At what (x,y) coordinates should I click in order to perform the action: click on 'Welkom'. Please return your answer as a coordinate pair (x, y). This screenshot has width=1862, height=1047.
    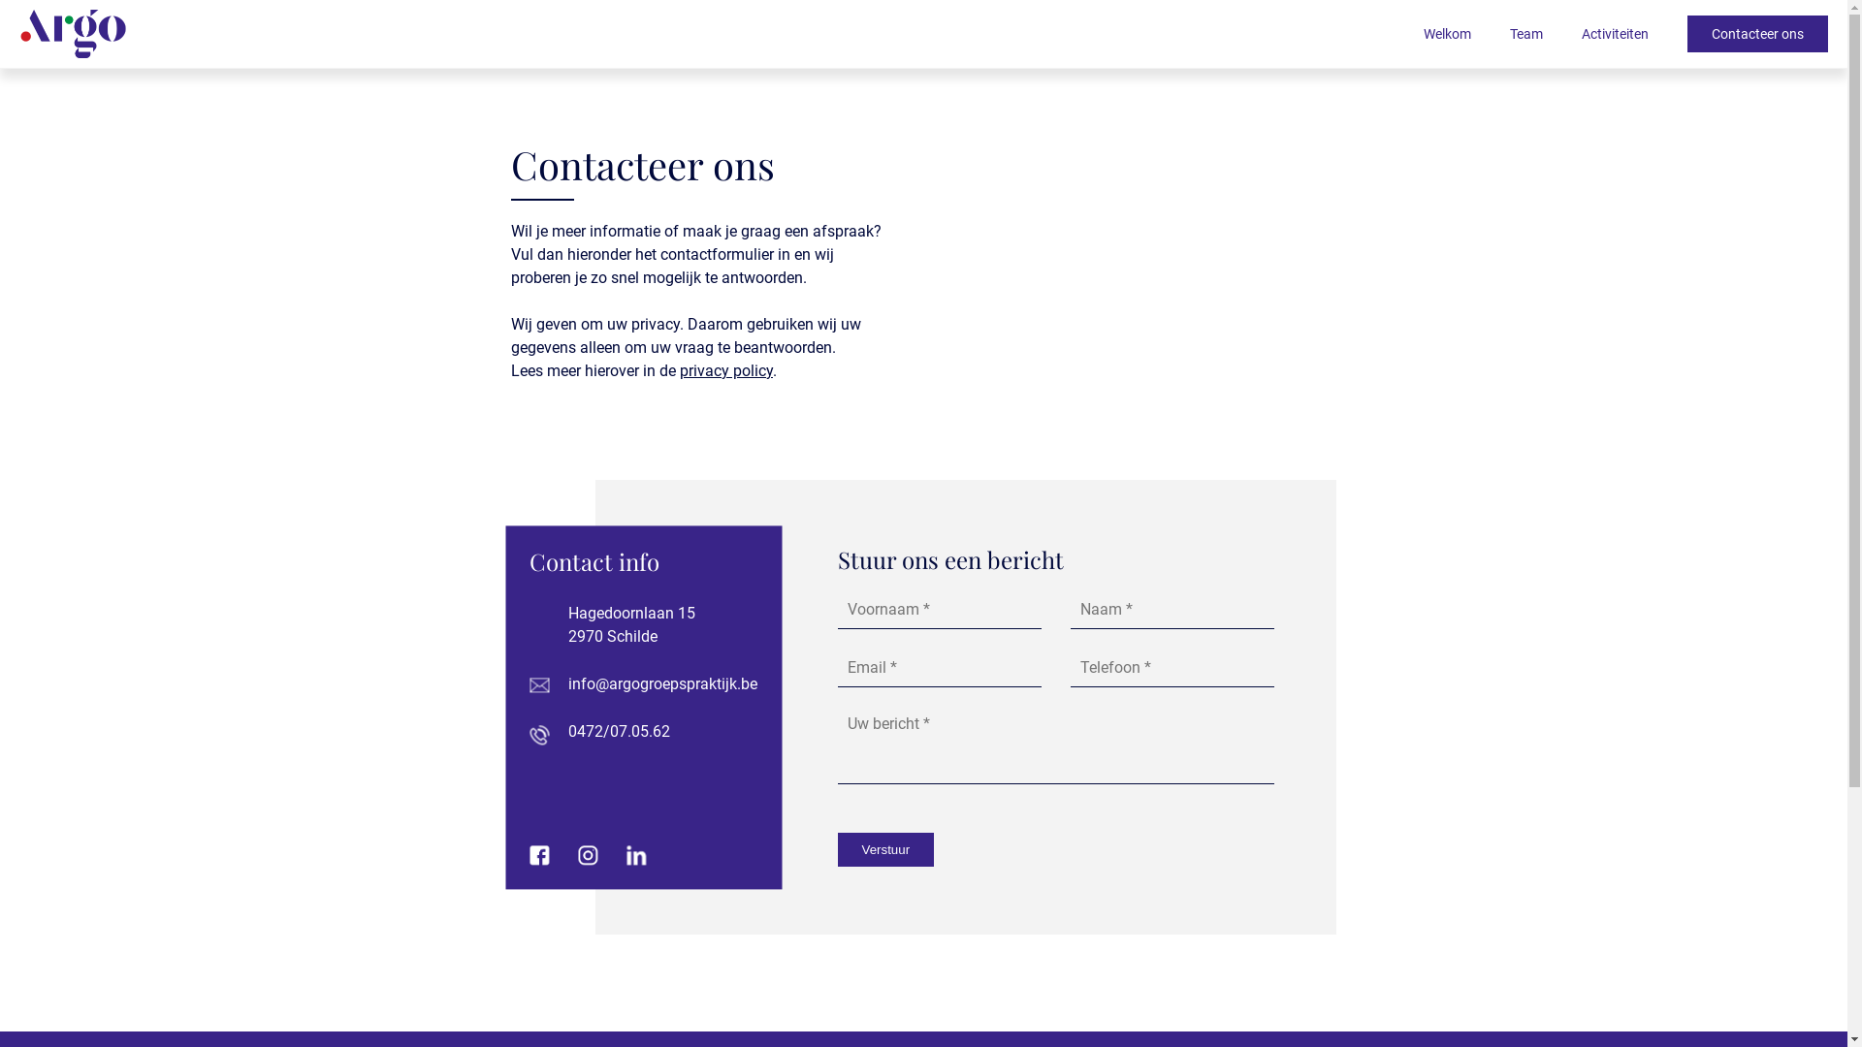
    Looking at the image, I should click on (1447, 33).